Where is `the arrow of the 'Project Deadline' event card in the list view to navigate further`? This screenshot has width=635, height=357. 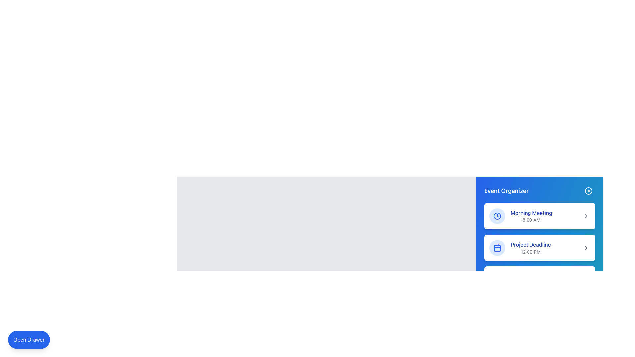 the arrow of the 'Project Deadline' event card in the list view to navigate further is located at coordinates (540, 248).